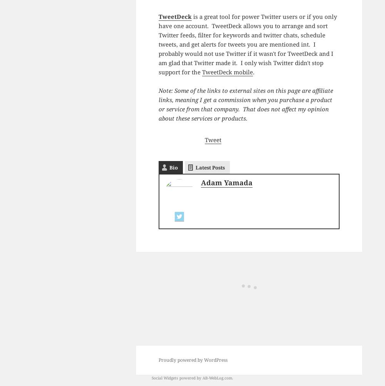  I want to click on 'Social Widgets', so click(165, 377).